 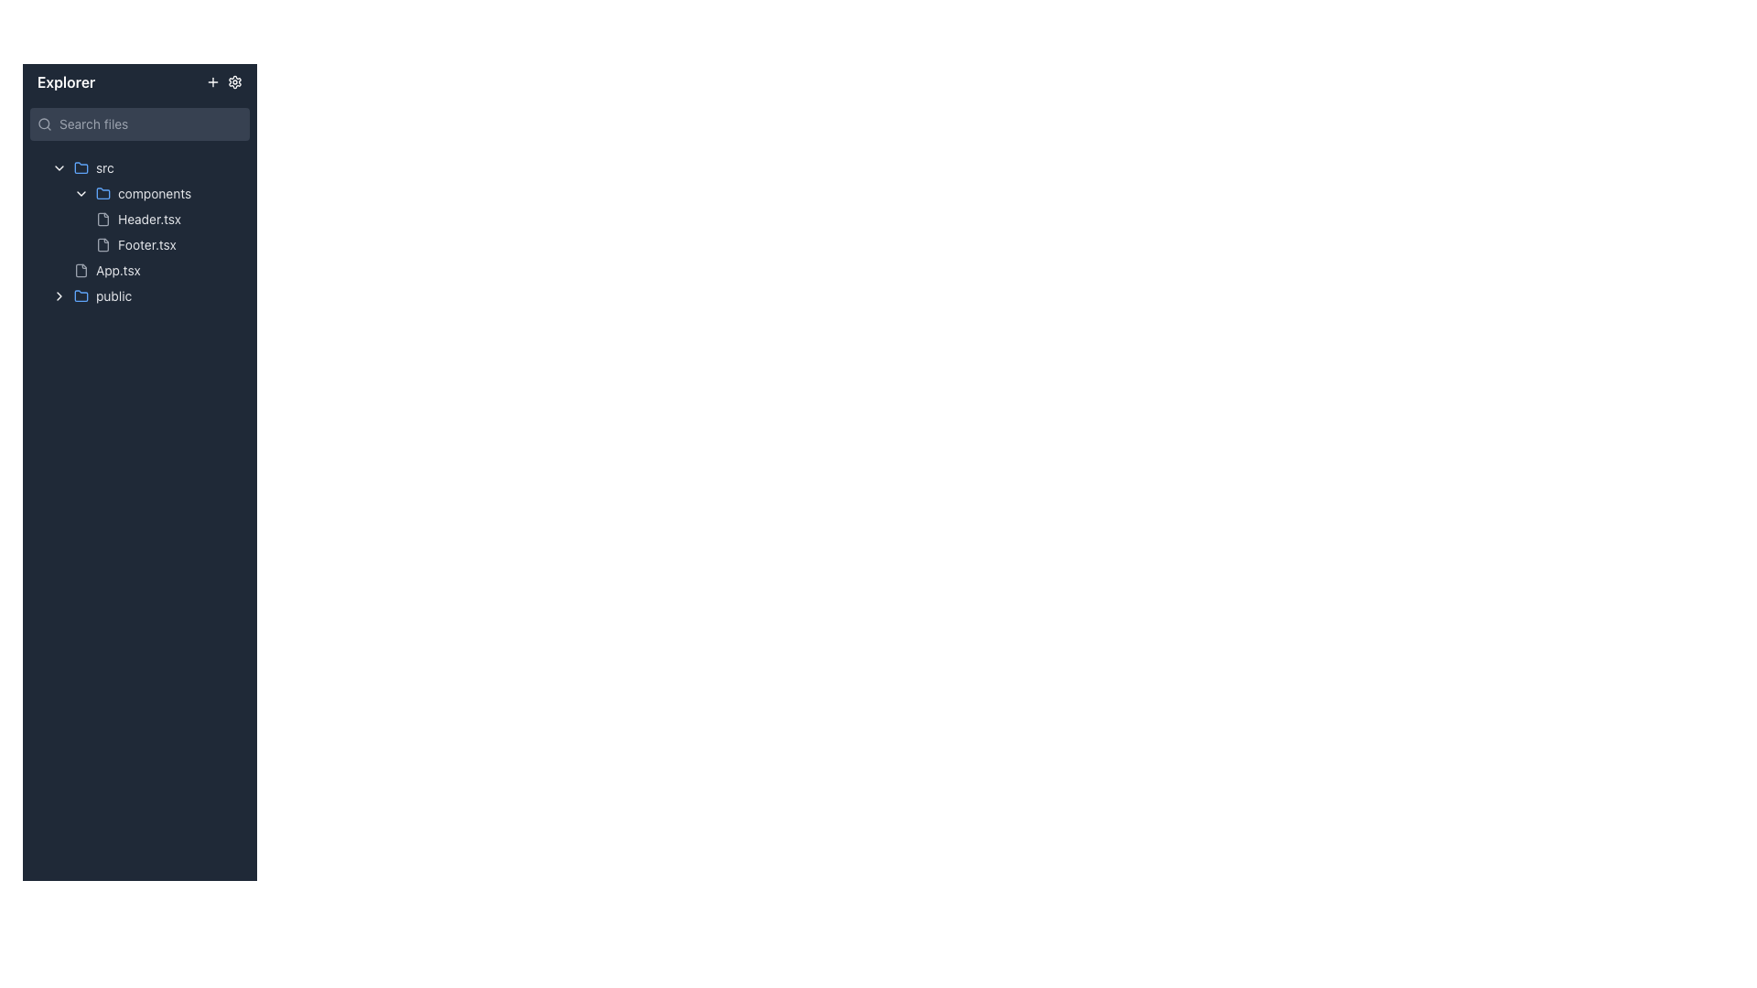 What do you see at coordinates (234, 81) in the screenshot?
I see `the gear-like icon button located in the top-right corner of the Explorer panel` at bounding box center [234, 81].